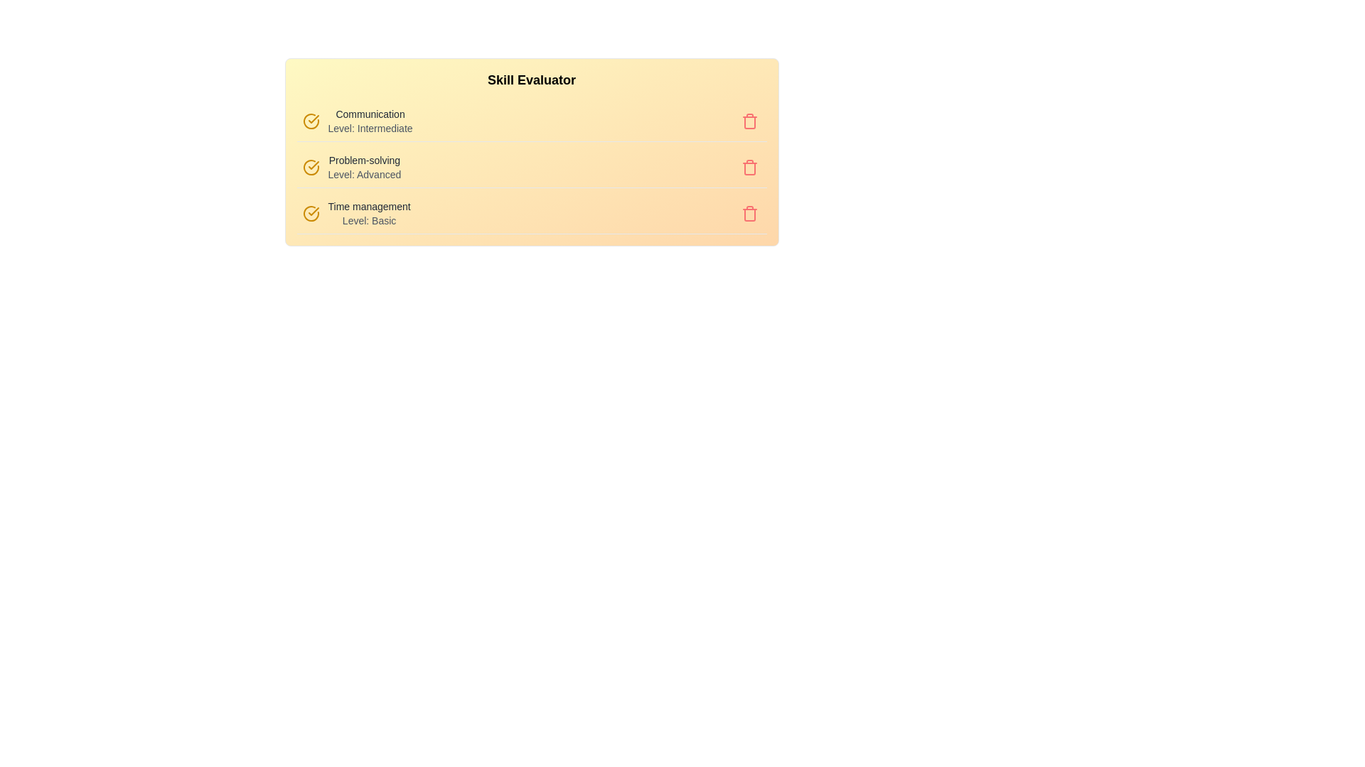 The image size is (1365, 767). What do you see at coordinates (355, 205) in the screenshot?
I see `the skill item corresponding to Time management` at bounding box center [355, 205].